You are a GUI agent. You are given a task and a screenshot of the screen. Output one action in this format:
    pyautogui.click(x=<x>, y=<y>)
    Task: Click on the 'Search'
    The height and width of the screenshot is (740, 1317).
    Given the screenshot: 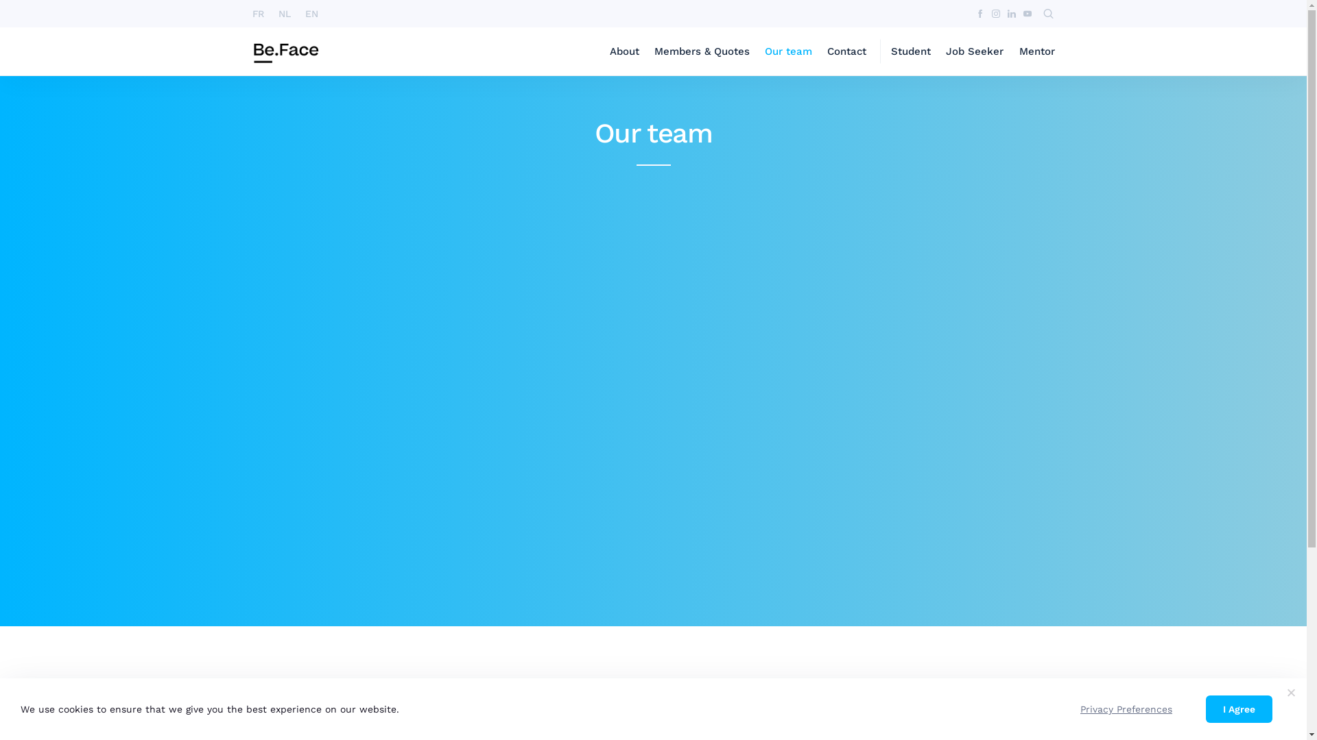 What is the action you would take?
    pyautogui.click(x=411, y=15)
    